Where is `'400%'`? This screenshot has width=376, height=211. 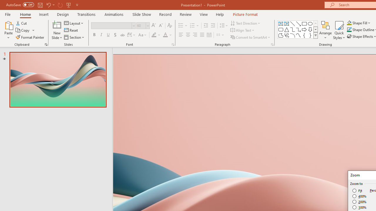
'400%' is located at coordinates (359, 196).